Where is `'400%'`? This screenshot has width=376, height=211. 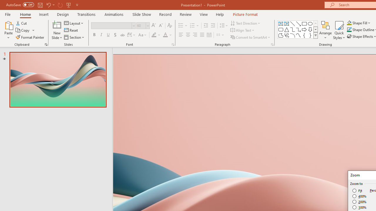
'400%' is located at coordinates (359, 196).